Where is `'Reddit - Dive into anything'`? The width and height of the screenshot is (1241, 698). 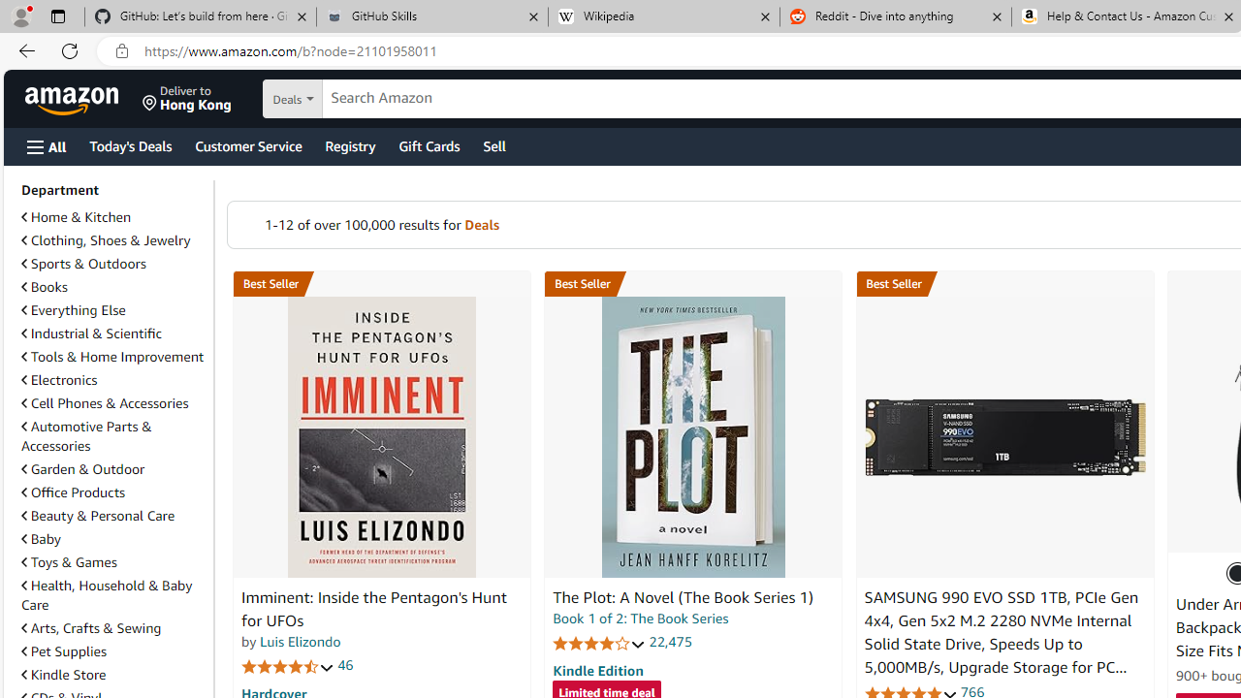 'Reddit - Dive into anything' is located at coordinates (895, 16).